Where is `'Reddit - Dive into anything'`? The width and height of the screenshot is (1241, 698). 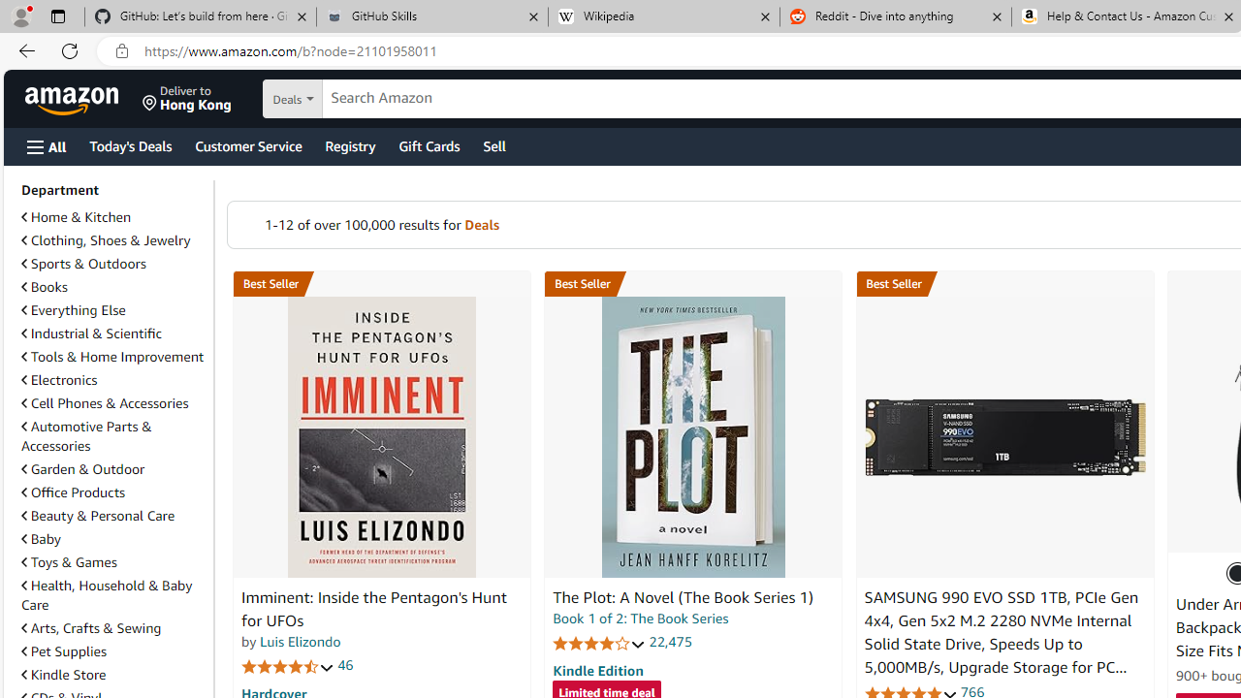 'Reddit - Dive into anything' is located at coordinates (895, 16).